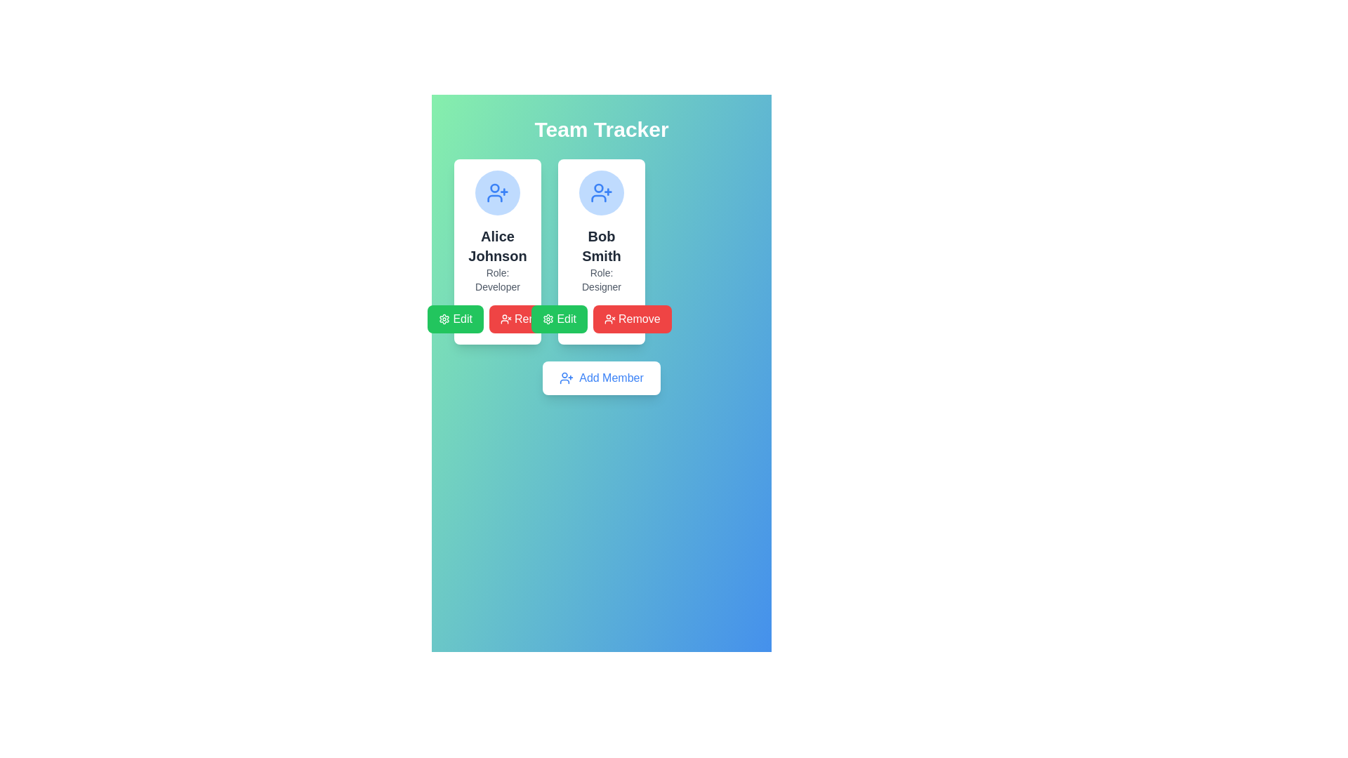 The height and width of the screenshot is (758, 1348). What do you see at coordinates (558, 319) in the screenshot?
I see `the button` at bounding box center [558, 319].